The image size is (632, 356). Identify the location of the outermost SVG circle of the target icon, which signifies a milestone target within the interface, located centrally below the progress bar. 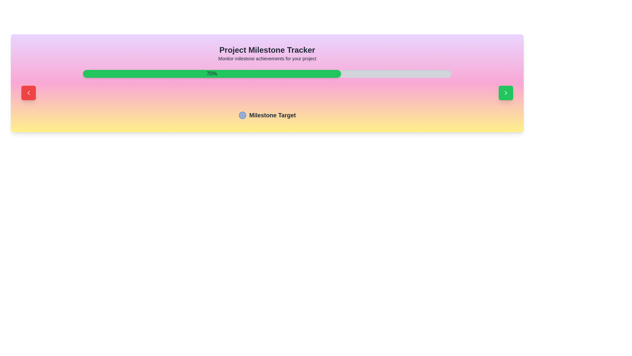
(242, 115).